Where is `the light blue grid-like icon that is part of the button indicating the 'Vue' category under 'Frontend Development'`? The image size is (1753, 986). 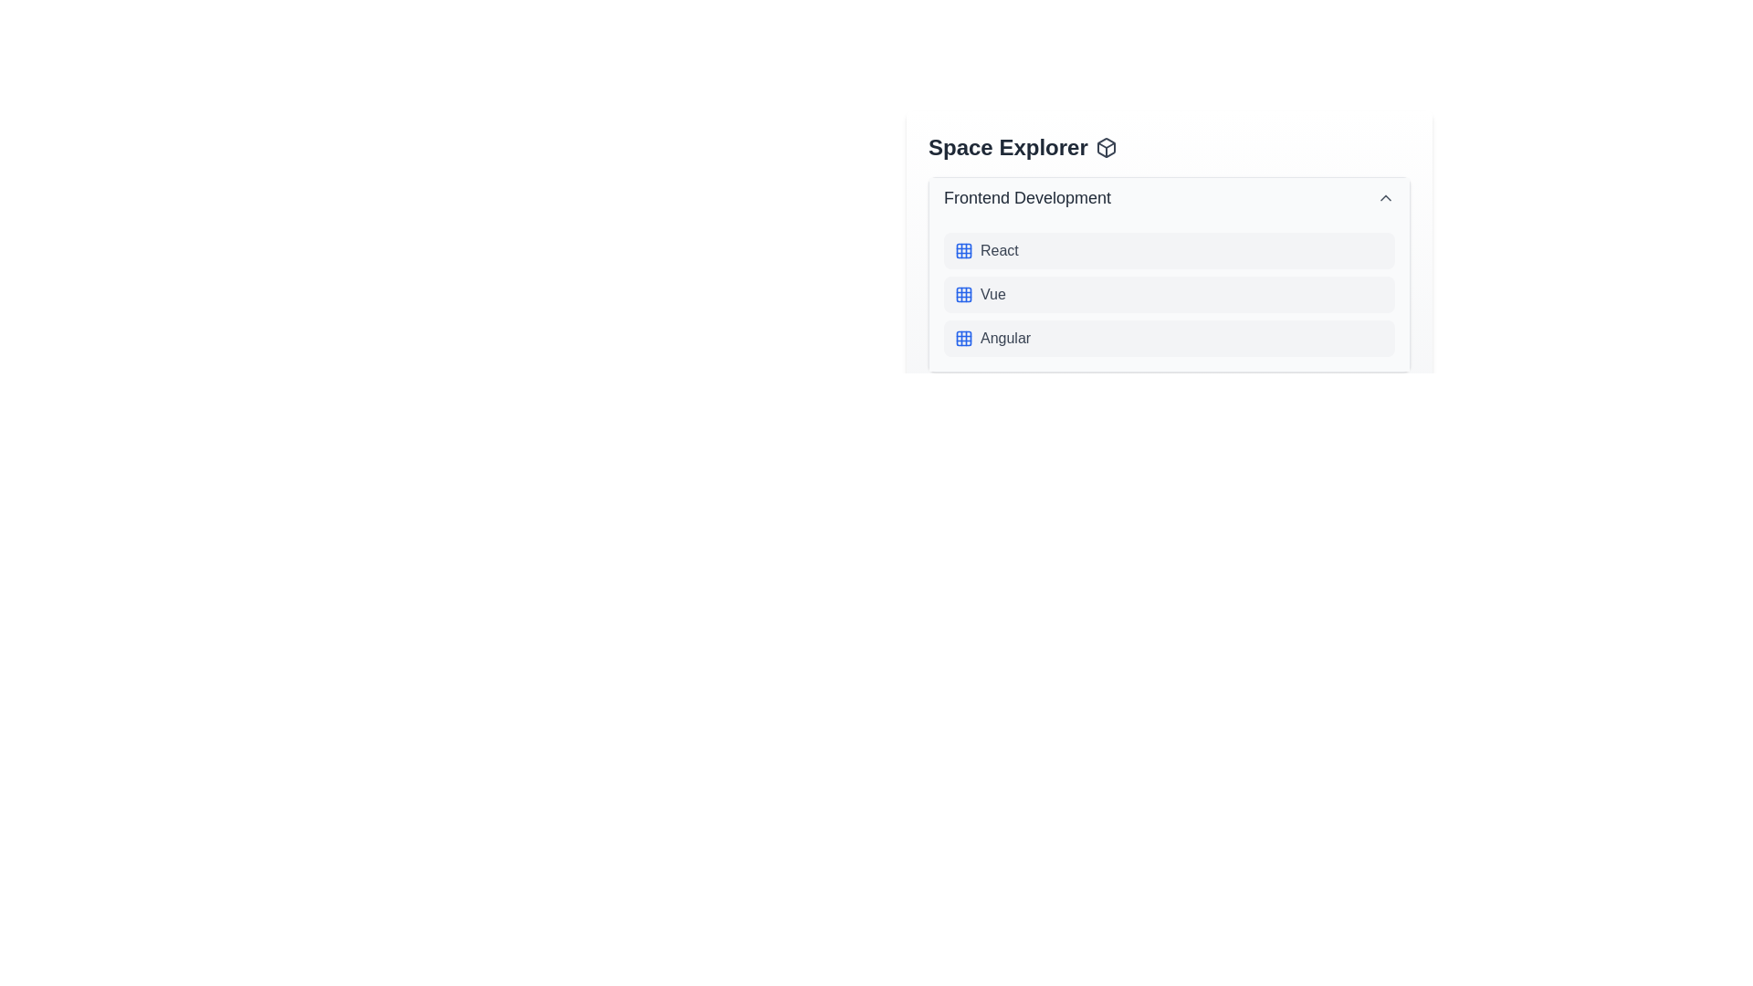 the light blue grid-like icon that is part of the button indicating the 'Vue' category under 'Frontend Development' is located at coordinates (963, 294).